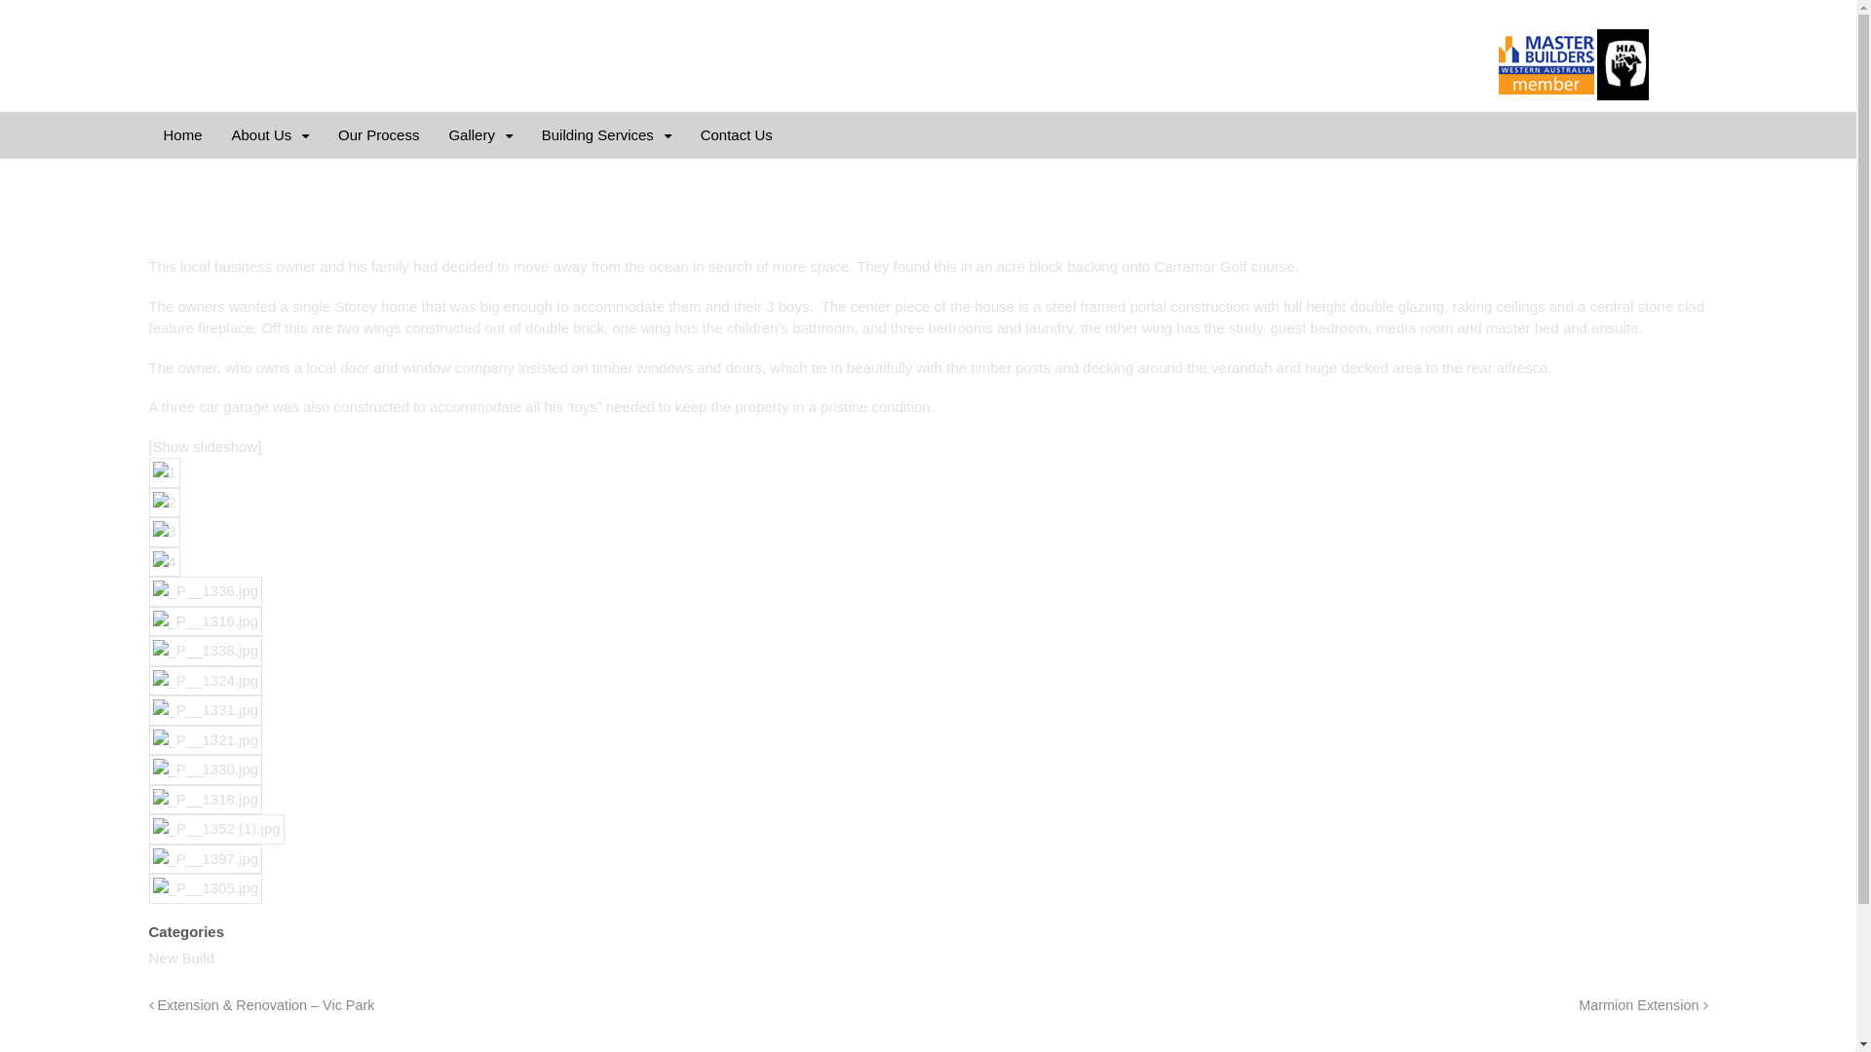 The height and width of the screenshot is (1052, 1871). Describe the element at coordinates (181, 957) in the screenshot. I see `'New Build'` at that location.